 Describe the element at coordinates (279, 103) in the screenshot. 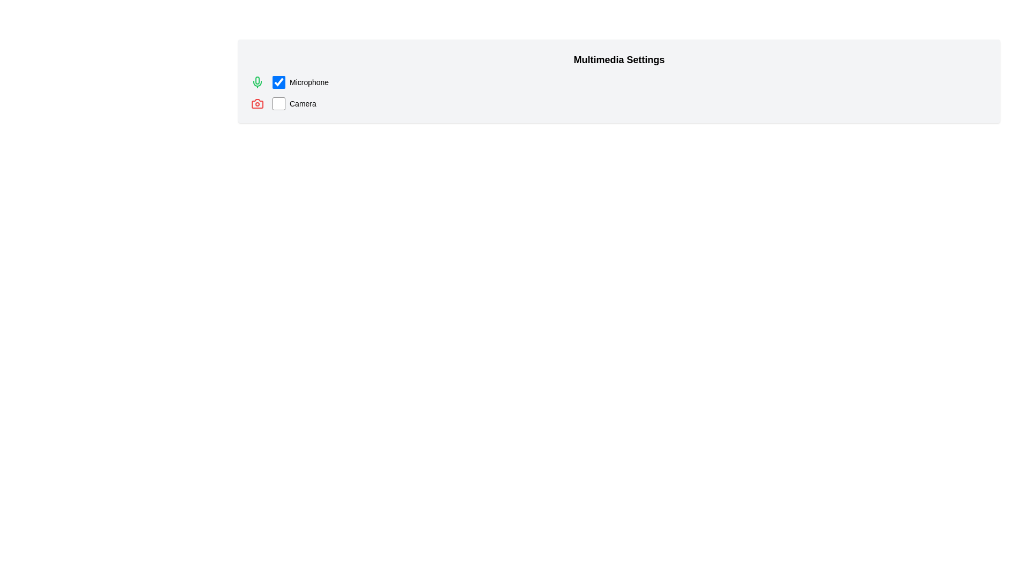

I see `the checkbox with a blue border located to the left of the text 'Camera'` at that location.